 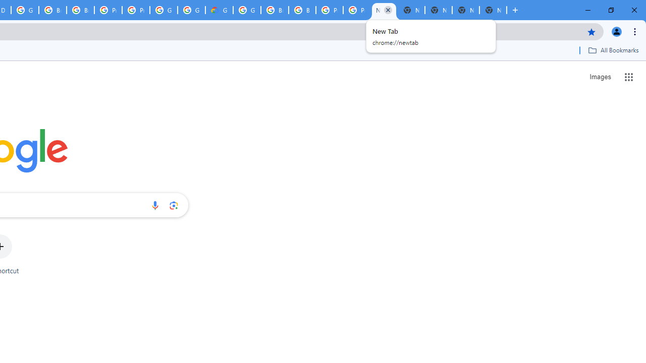 What do you see at coordinates (275, 10) in the screenshot?
I see `'Browse Chrome as a guest - Computer - Google Chrome Help'` at bounding box center [275, 10].